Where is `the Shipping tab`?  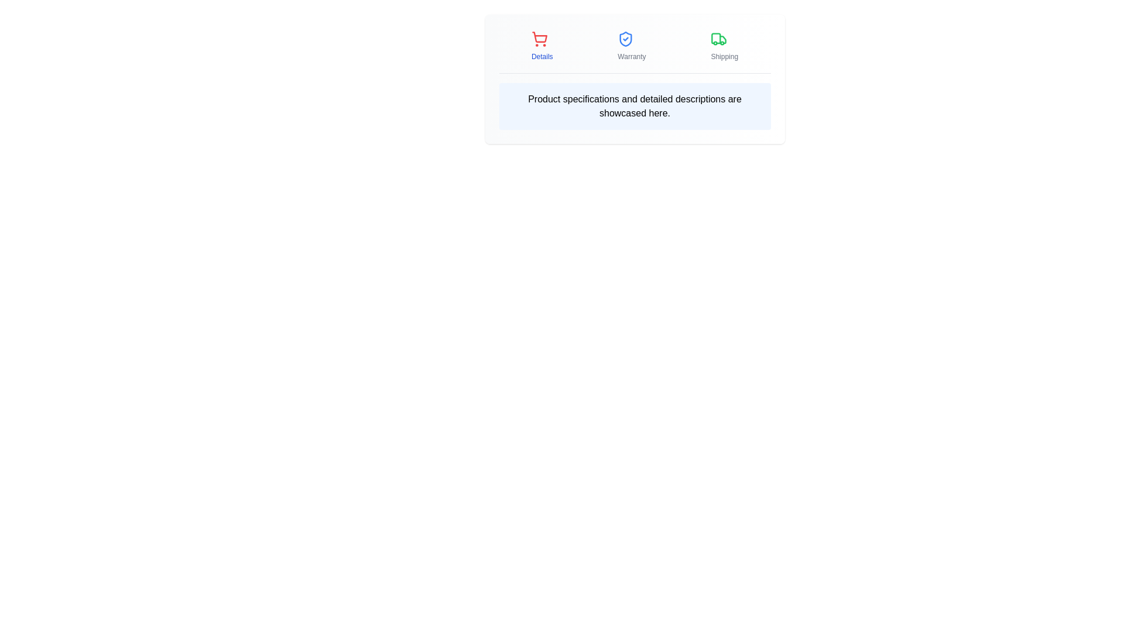 the Shipping tab is located at coordinates (724, 45).